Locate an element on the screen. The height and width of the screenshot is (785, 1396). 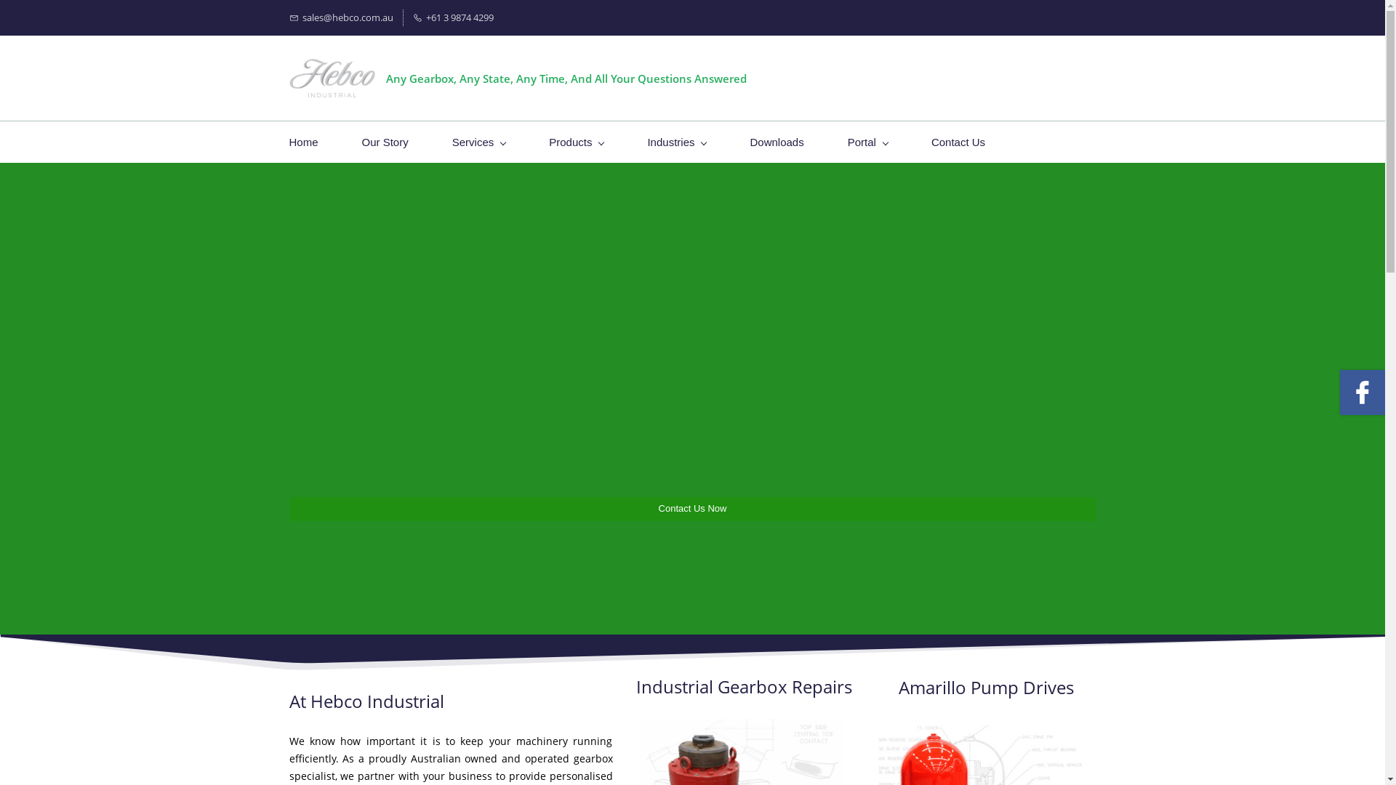
'Downloads' is located at coordinates (776, 142).